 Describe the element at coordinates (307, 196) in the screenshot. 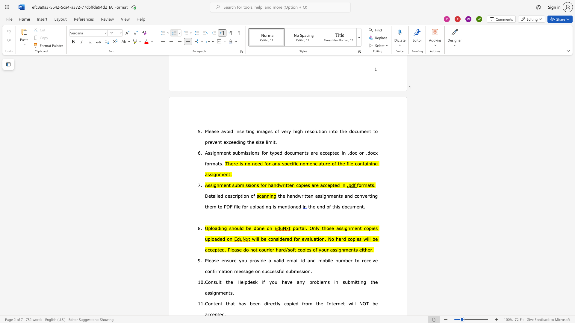

I see `the 3th character "t" in the text` at that location.